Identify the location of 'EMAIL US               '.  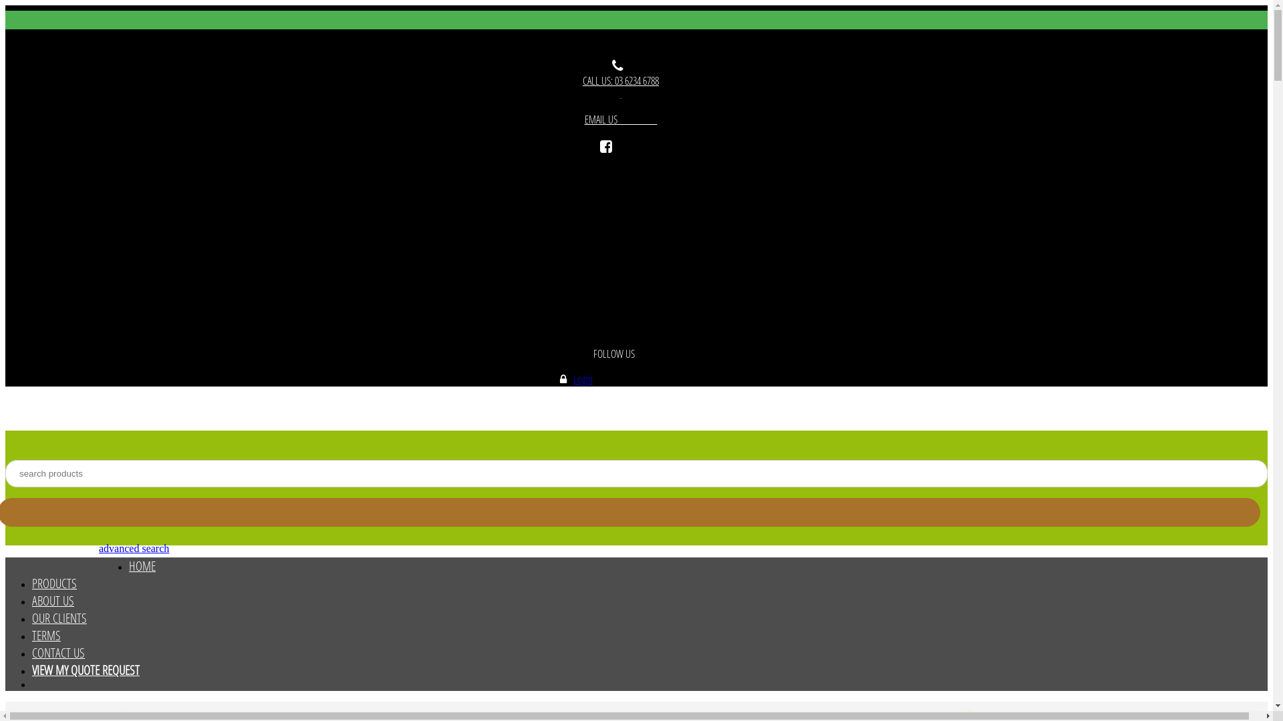
(619, 118).